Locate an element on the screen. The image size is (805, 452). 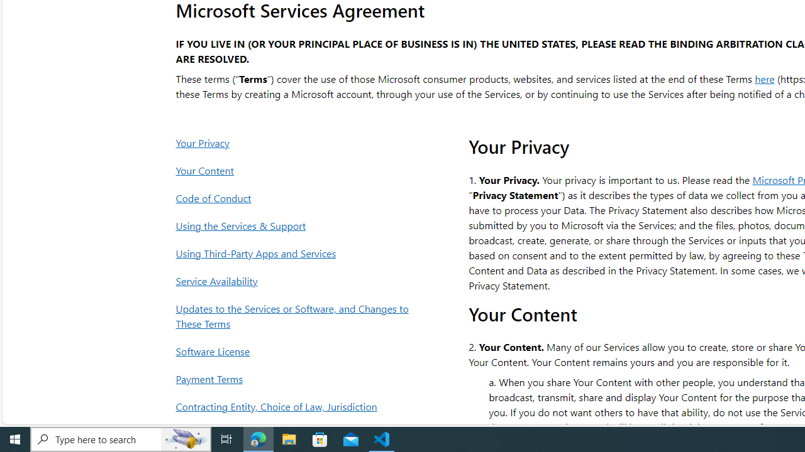
'Contracting Entity, Choice of Law, Jurisdiction' is located at coordinates (295, 406).